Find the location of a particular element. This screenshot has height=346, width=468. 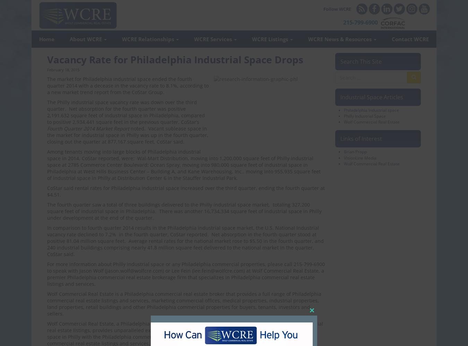

'For more information about Philly industrial space or any Philadelphia commercial properties, please call 215-799-6900 to speak with Jason Wolf (jason.wolf@wolfcre.com) or Lee Fein (lee.fein@wolfcre.com) at Wolf Commercial Real Estate, a premier Philadelphia commercial real estate brokerage firm that specializes in Philadelphia commercial real estate listings and services.' is located at coordinates (185, 274).